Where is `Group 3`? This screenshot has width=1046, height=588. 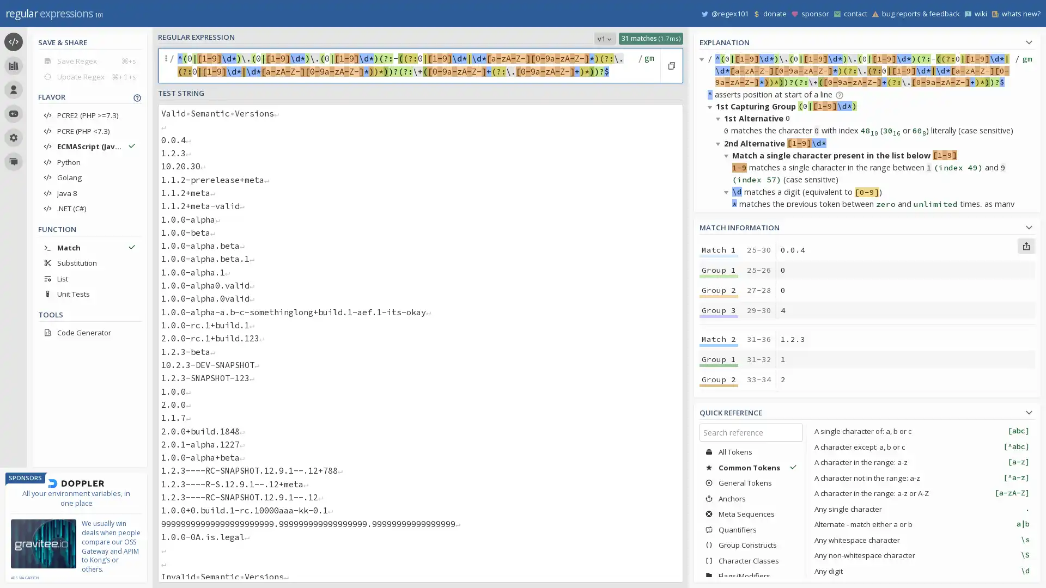 Group 3 is located at coordinates (719, 310).